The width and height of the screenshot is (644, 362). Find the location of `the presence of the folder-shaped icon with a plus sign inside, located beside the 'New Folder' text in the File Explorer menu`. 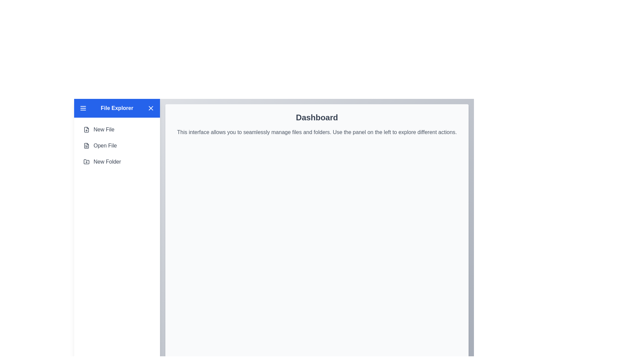

the presence of the folder-shaped icon with a plus sign inside, located beside the 'New Folder' text in the File Explorer menu is located at coordinates (86, 162).